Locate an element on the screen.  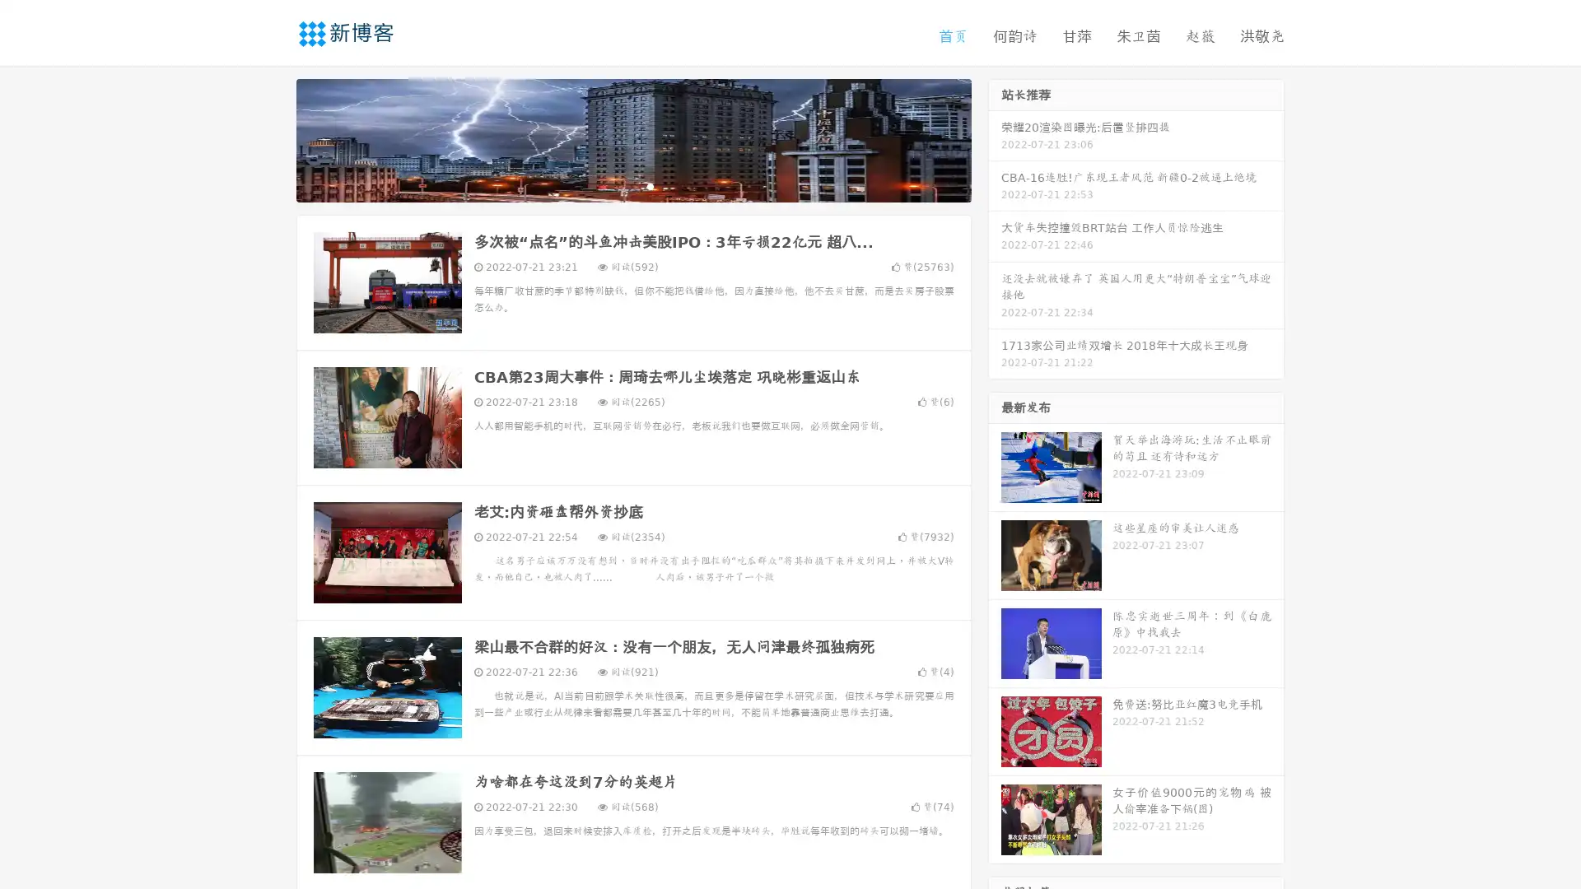
Next slide is located at coordinates (995, 138).